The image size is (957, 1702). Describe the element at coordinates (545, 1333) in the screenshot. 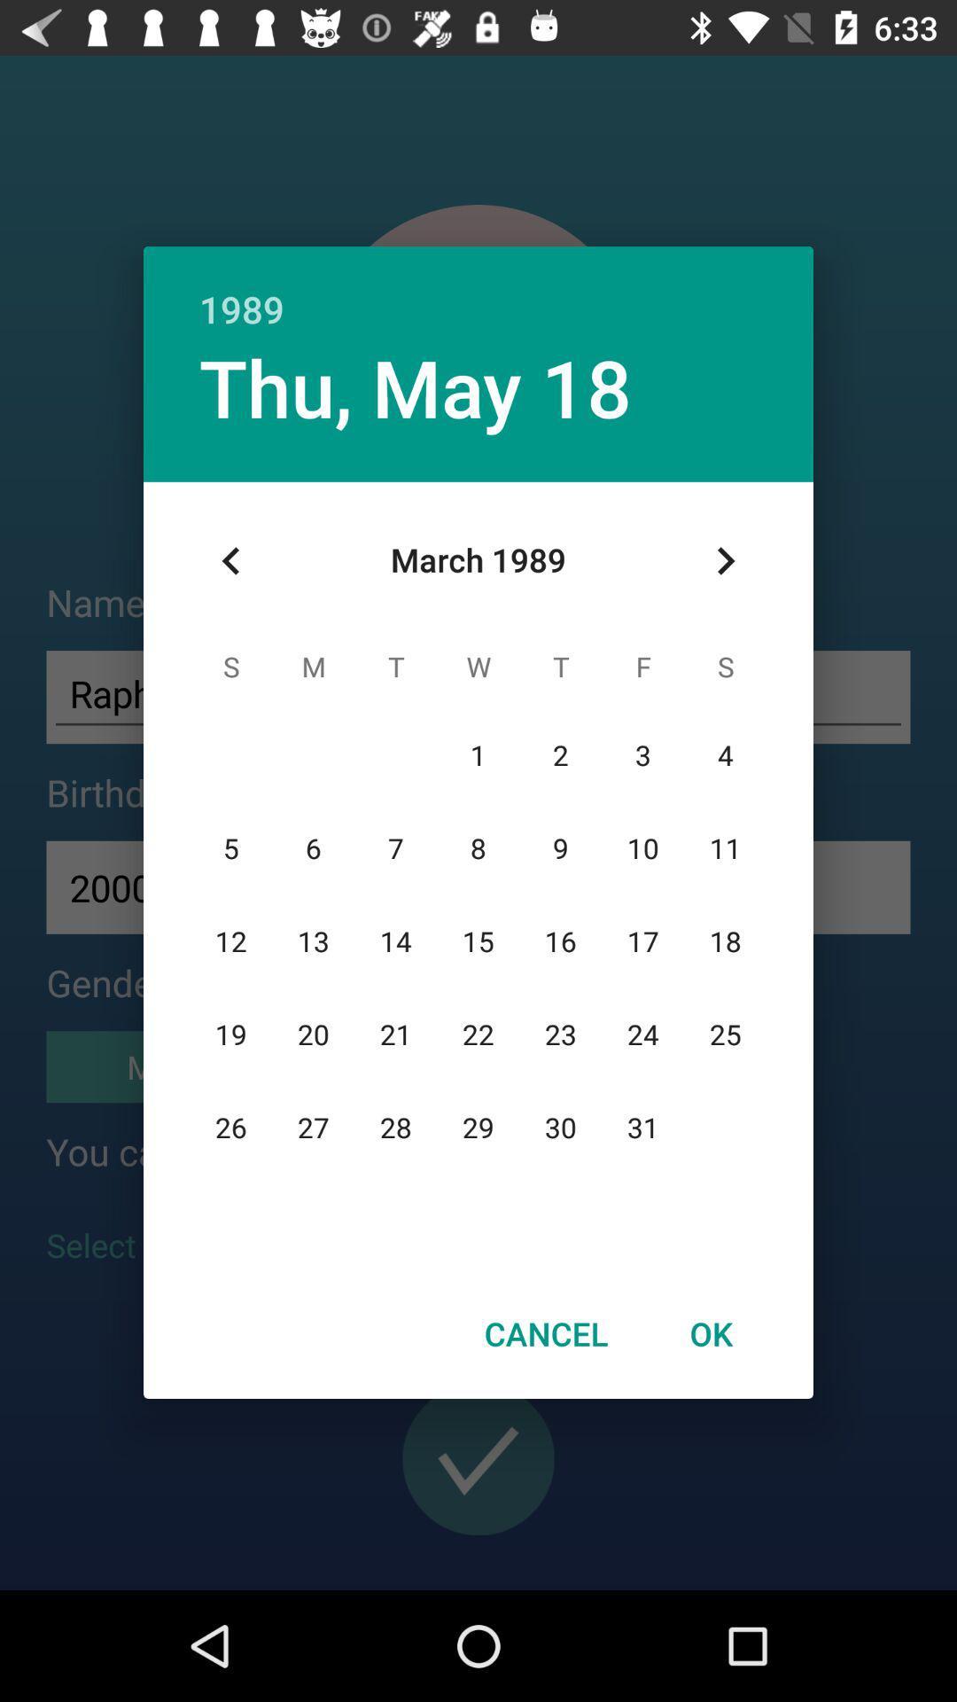

I see `the item next to the ok icon` at that location.